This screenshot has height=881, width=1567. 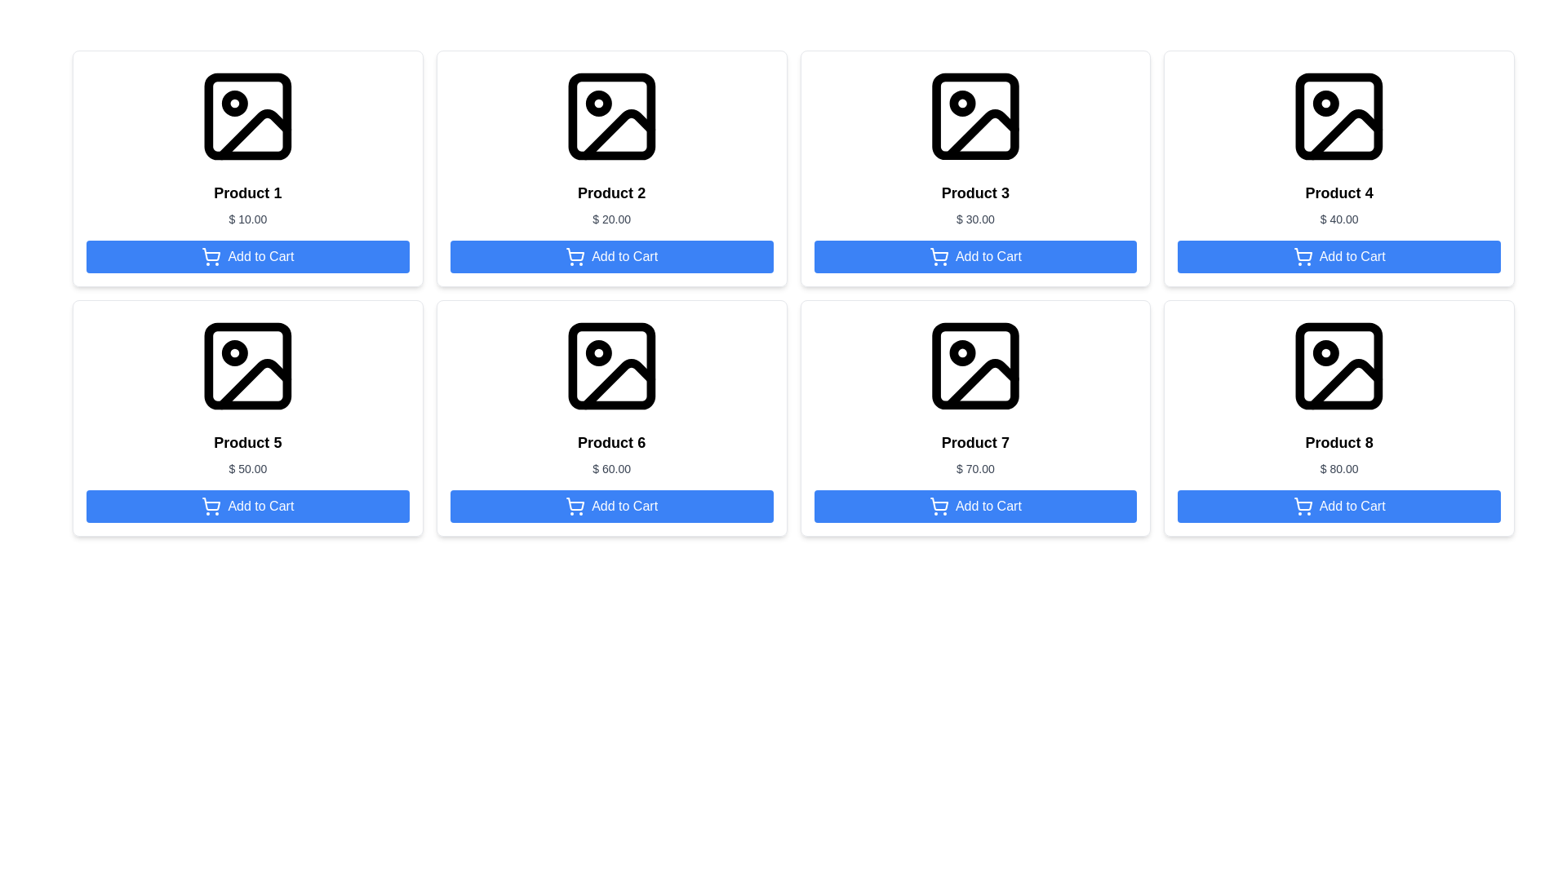 I want to click on the shopping cart icon located within the 'Add to Cart' button of the second product card from the left in the first row of the grid layout, so click(x=575, y=255).